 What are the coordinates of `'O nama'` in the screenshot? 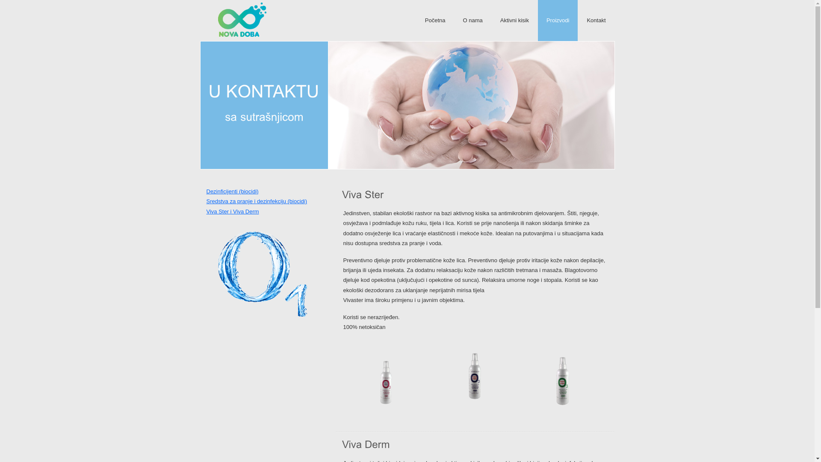 It's located at (472, 20).